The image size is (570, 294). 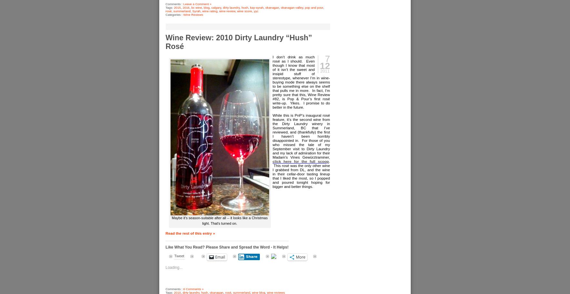 I want to click on 'I don’t drink as much rosé as I should.  Even though I know that most of it isn’t the sweet and insipid stuff of stereotype, whenever I’m in wine-buying mode there always seems to be something else on the shelf that pulls me in more.  In fact, I’m pretty sure that this, Wine Review #82, is Pop & Pour’s first rosé write-up.  Yikes.  I promise to do better in the future.', so click(x=301, y=82).